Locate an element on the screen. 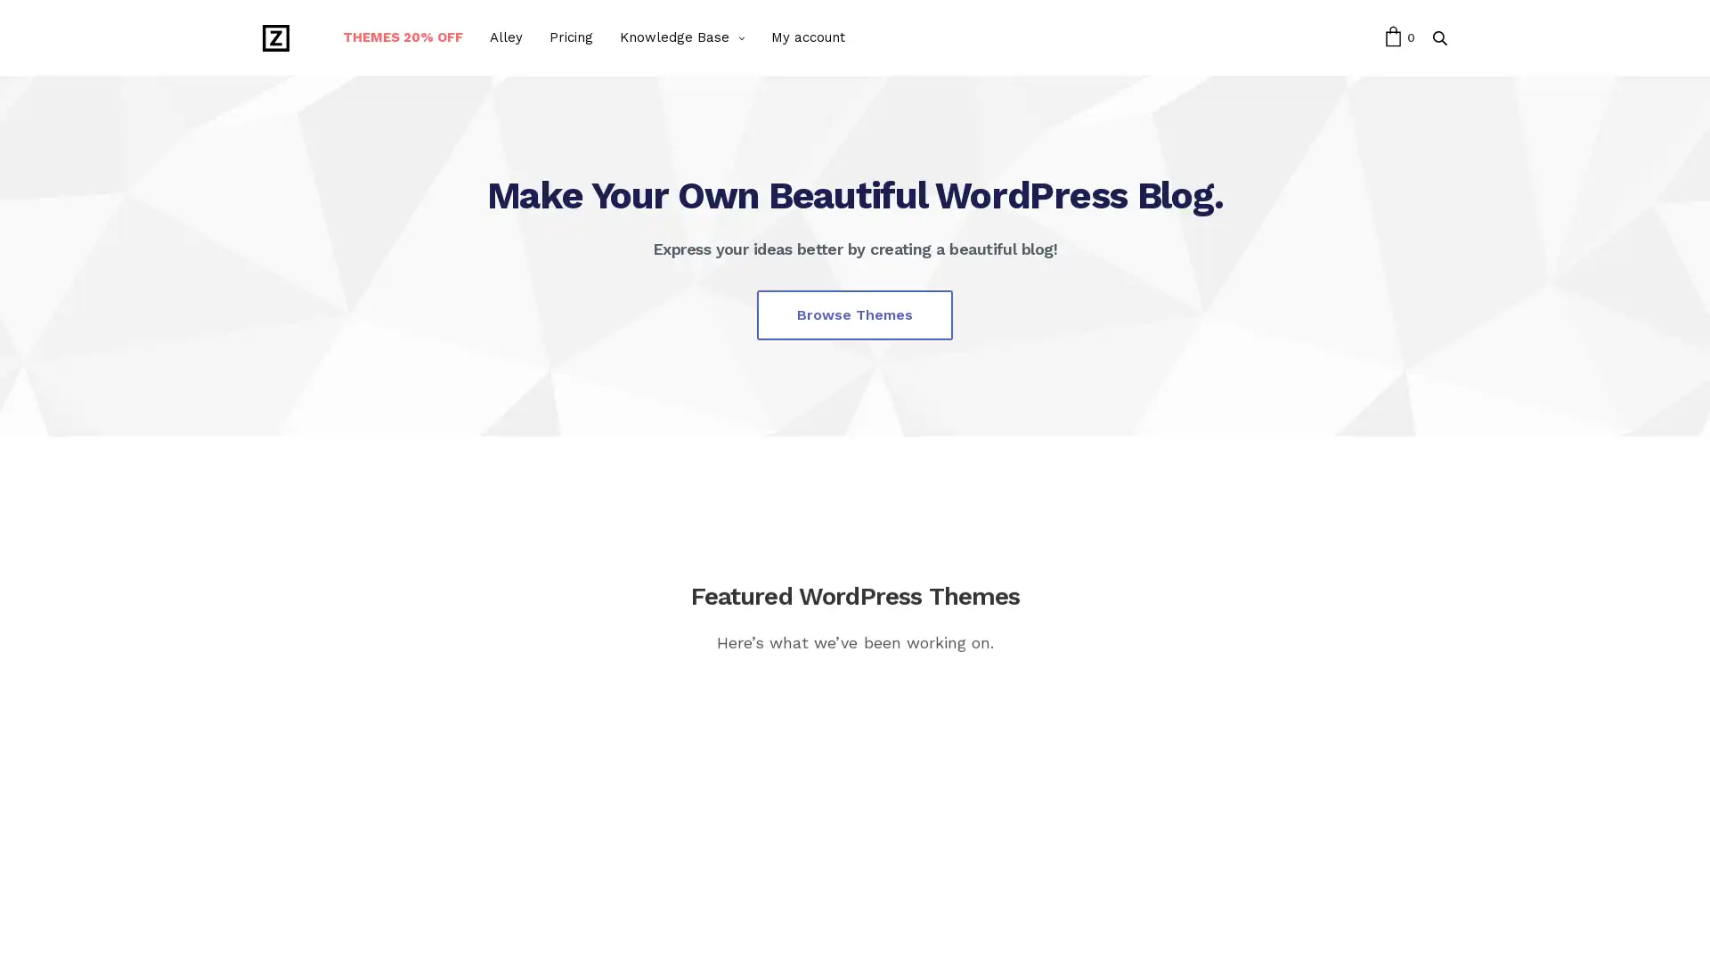 This screenshot has height=962, width=1710. Browse Themes is located at coordinates (855, 314).